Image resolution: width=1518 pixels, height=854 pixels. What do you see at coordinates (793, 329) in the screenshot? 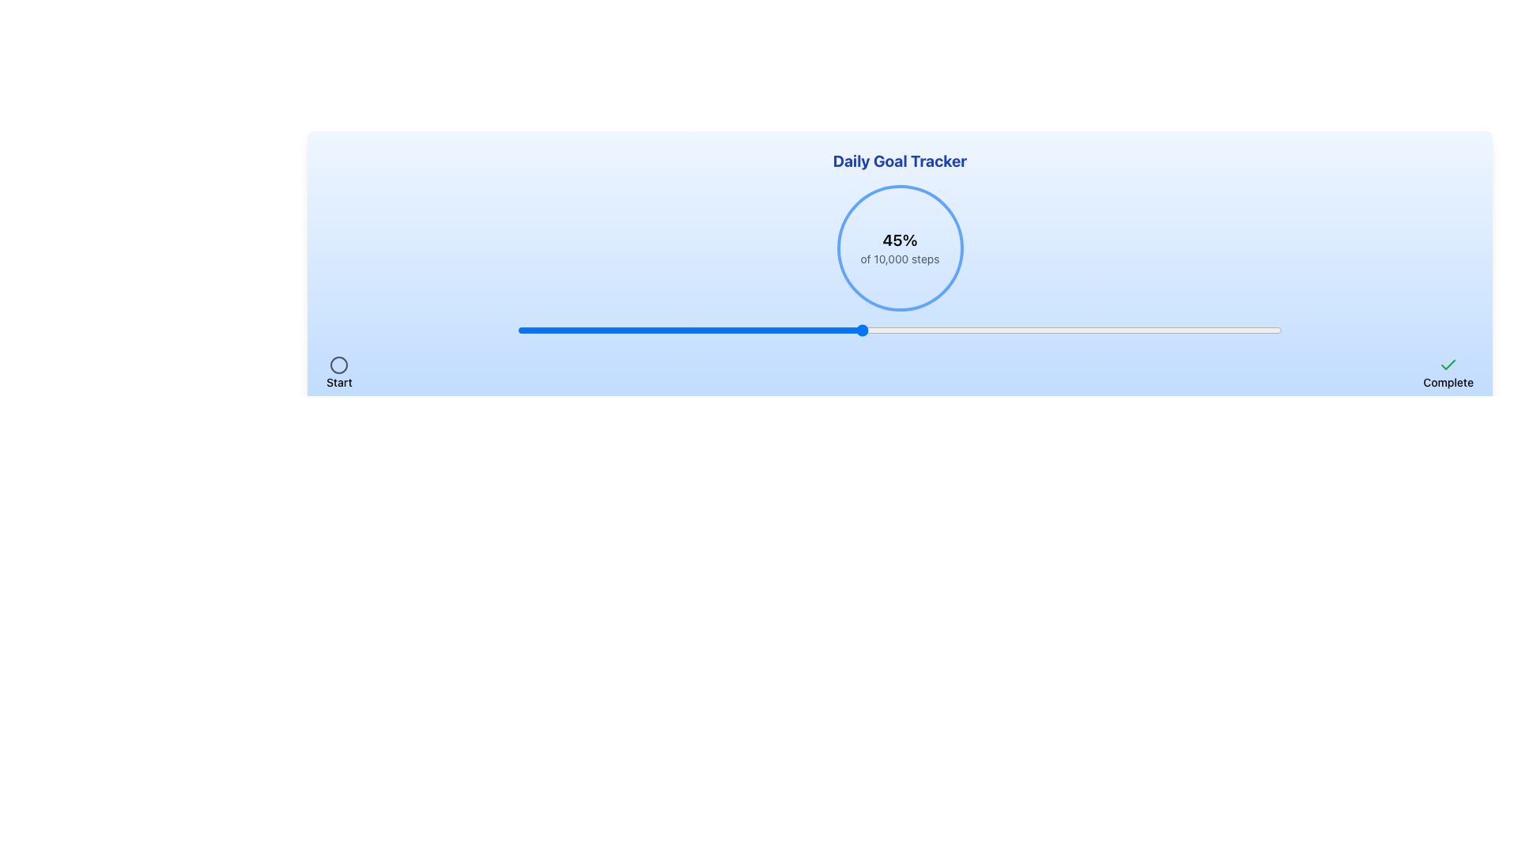
I see `the slider value` at bounding box center [793, 329].